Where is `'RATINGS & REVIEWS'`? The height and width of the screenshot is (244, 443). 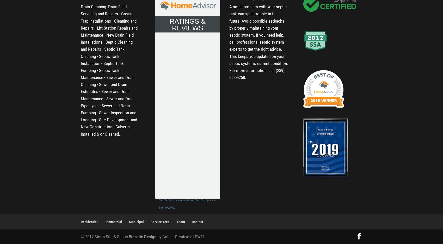
'RATINGS & REVIEWS' is located at coordinates (187, 24).